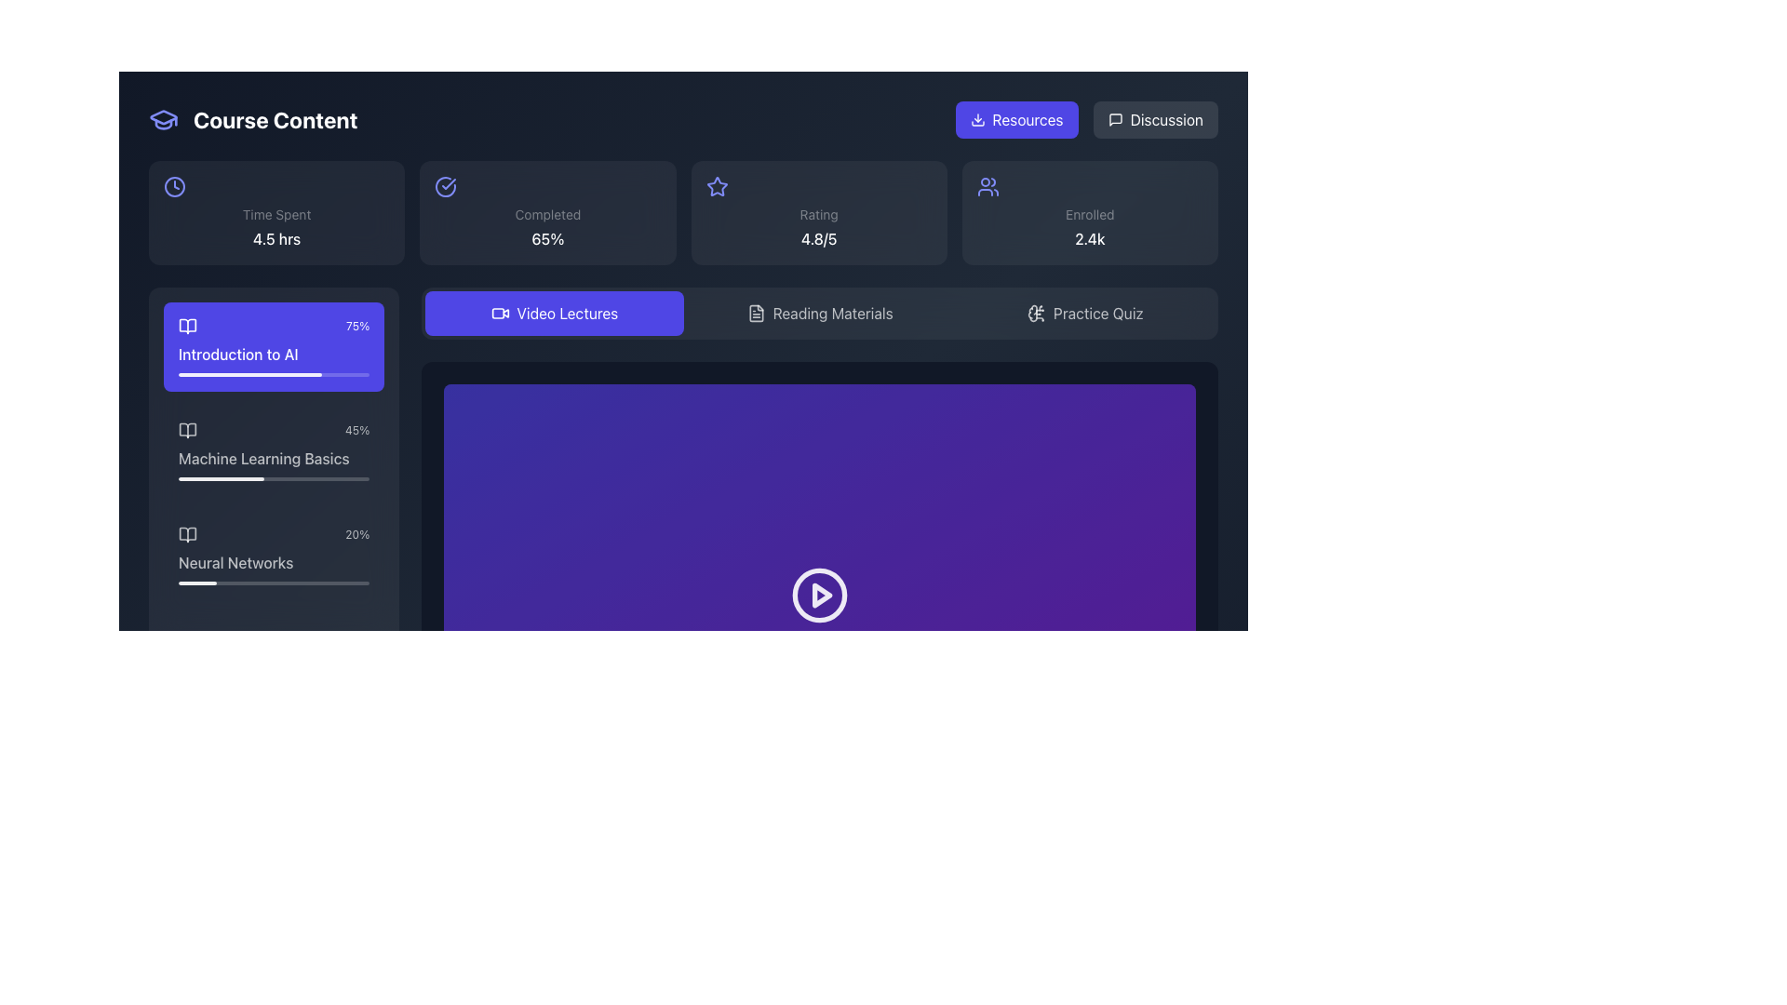  Describe the element at coordinates (275, 238) in the screenshot. I see `the static text element displaying '4.5 hrs', which is centered below the 'Time Spent' label within its information panel` at that location.